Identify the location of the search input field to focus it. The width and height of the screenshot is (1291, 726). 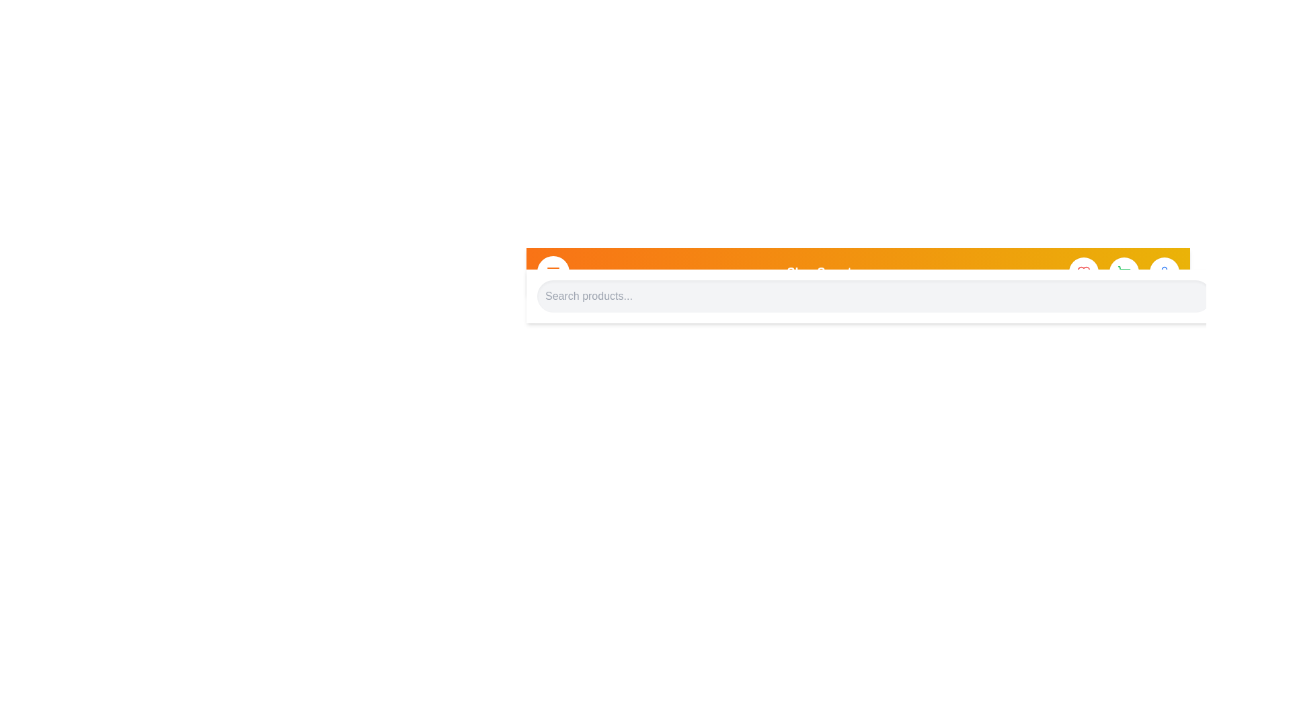
(874, 295).